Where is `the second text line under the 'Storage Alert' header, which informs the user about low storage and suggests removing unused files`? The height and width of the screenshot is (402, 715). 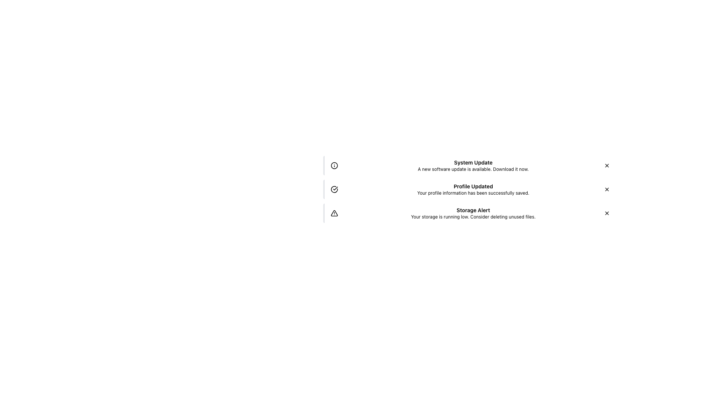 the second text line under the 'Storage Alert' header, which informs the user about low storage and suggests removing unused files is located at coordinates (473, 217).